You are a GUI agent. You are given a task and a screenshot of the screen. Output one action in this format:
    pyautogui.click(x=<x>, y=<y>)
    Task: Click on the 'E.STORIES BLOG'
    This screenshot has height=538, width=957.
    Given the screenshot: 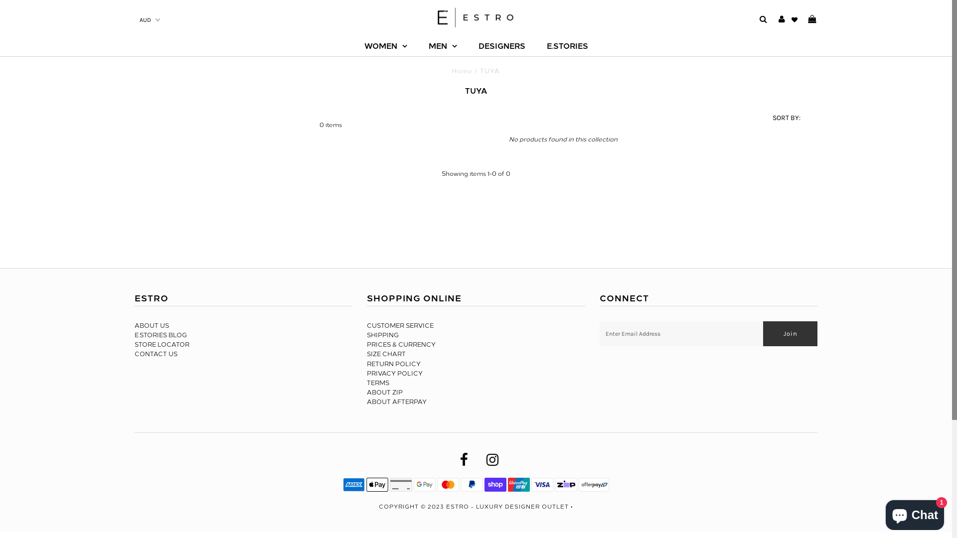 What is the action you would take?
    pyautogui.click(x=160, y=335)
    